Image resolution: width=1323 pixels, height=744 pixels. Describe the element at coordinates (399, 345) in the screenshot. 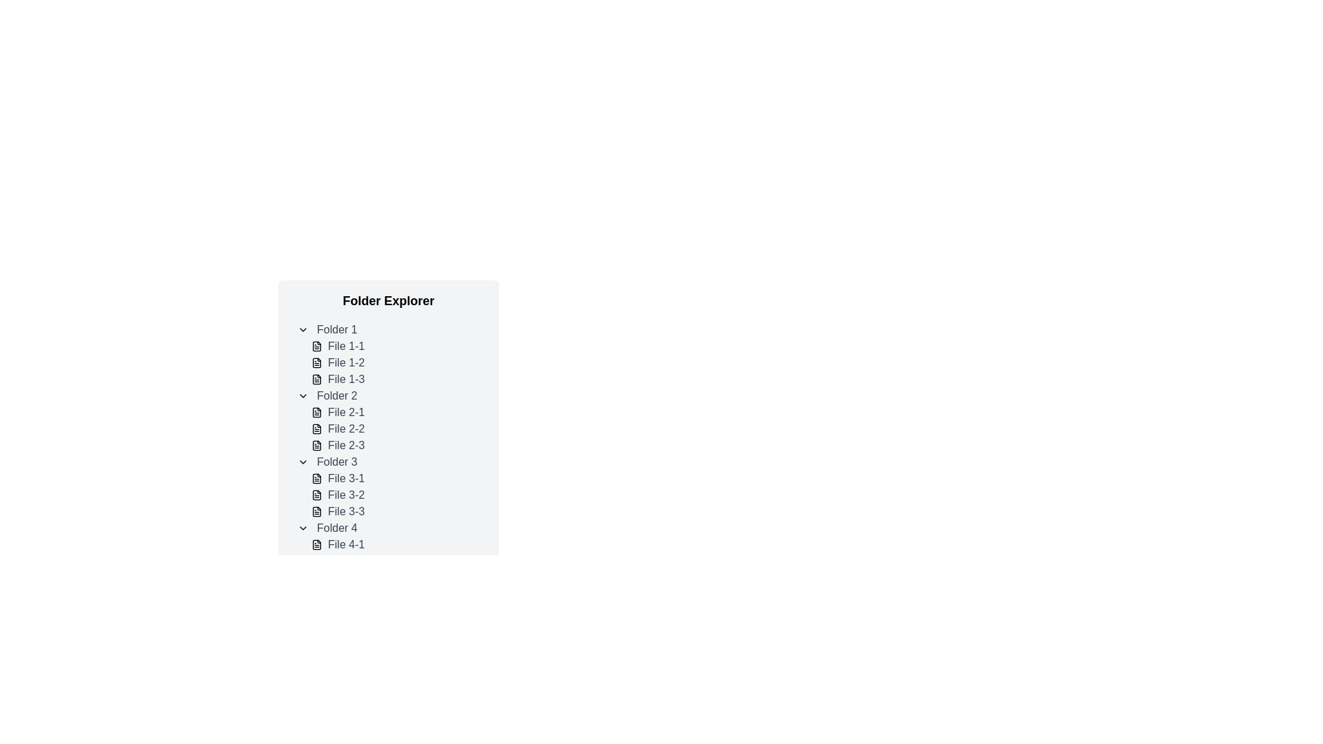

I see `the file item named 'File 1-1' in the folder explorer` at that location.